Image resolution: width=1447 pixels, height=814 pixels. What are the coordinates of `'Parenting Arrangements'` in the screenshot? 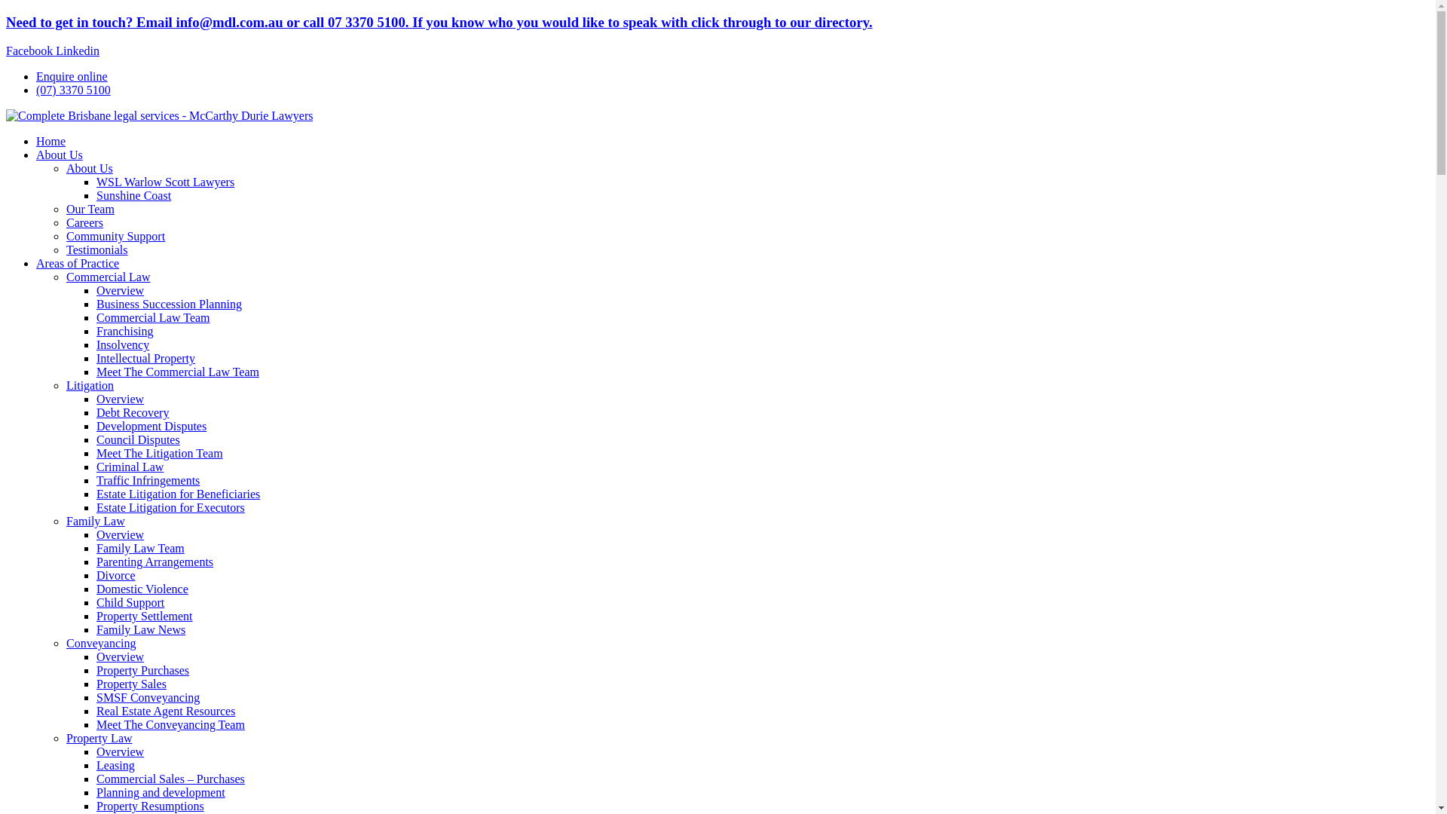 It's located at (96, 562).